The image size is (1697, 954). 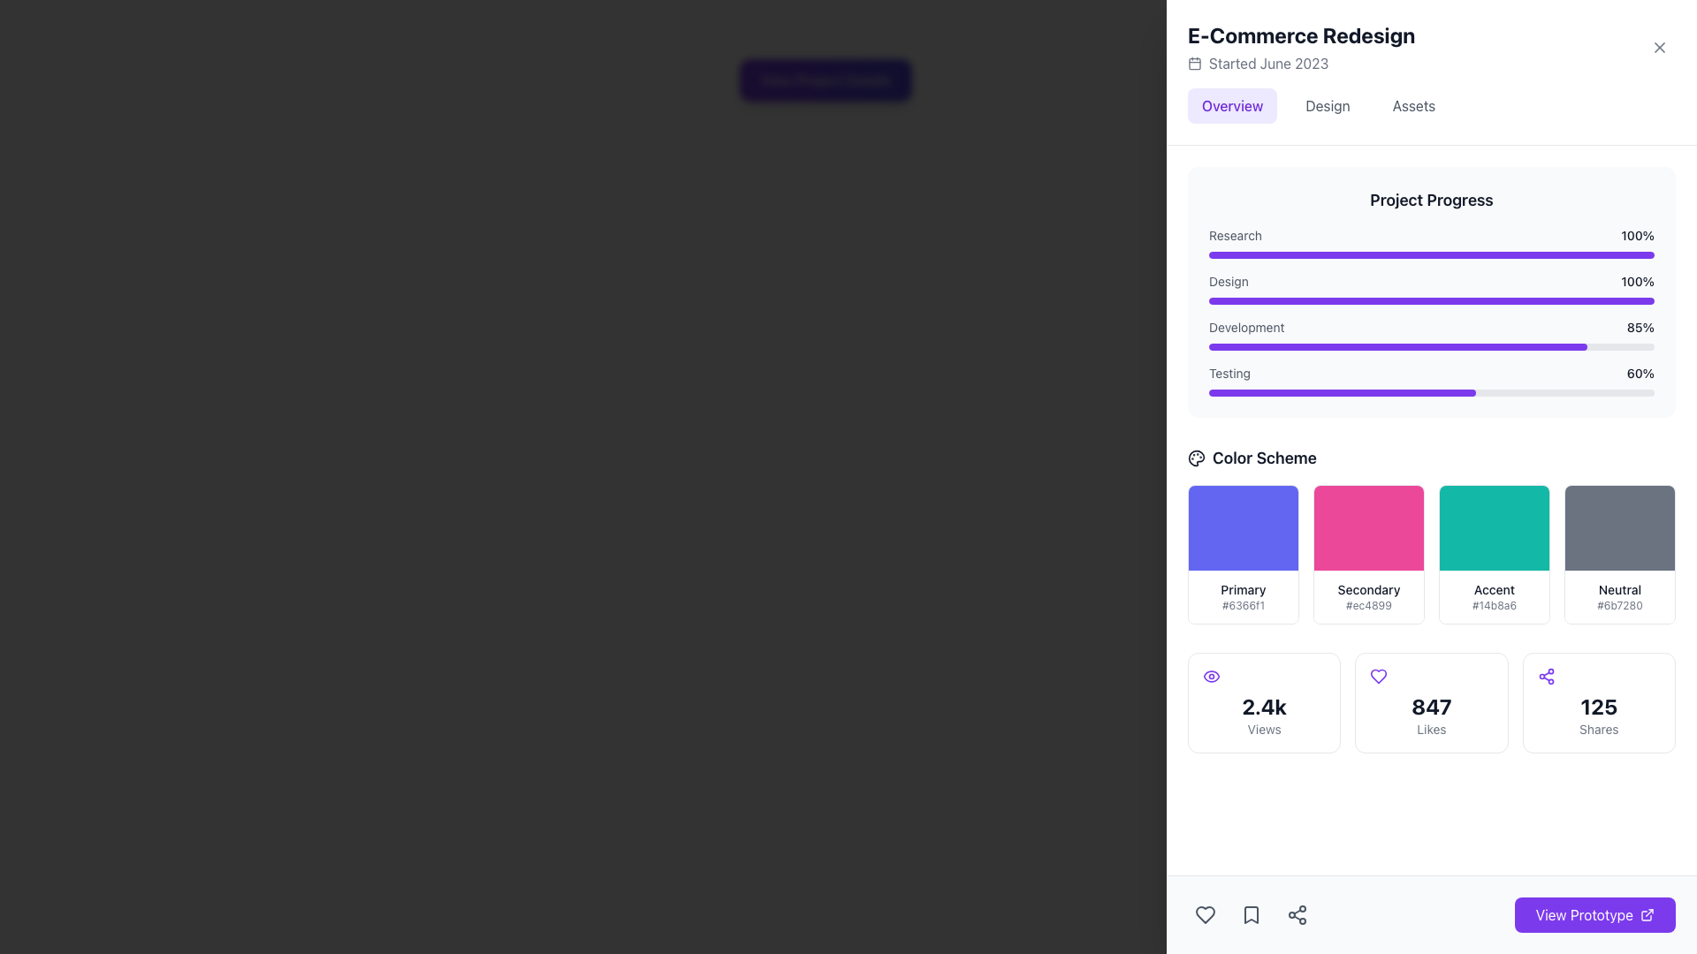 I want to click on the Header element titled 'E-Commerce Redesign' which includes a subheading 'Started June 2023' and a calendar icon, located at the top-right section of the interface, so click(x=1301, y=47).